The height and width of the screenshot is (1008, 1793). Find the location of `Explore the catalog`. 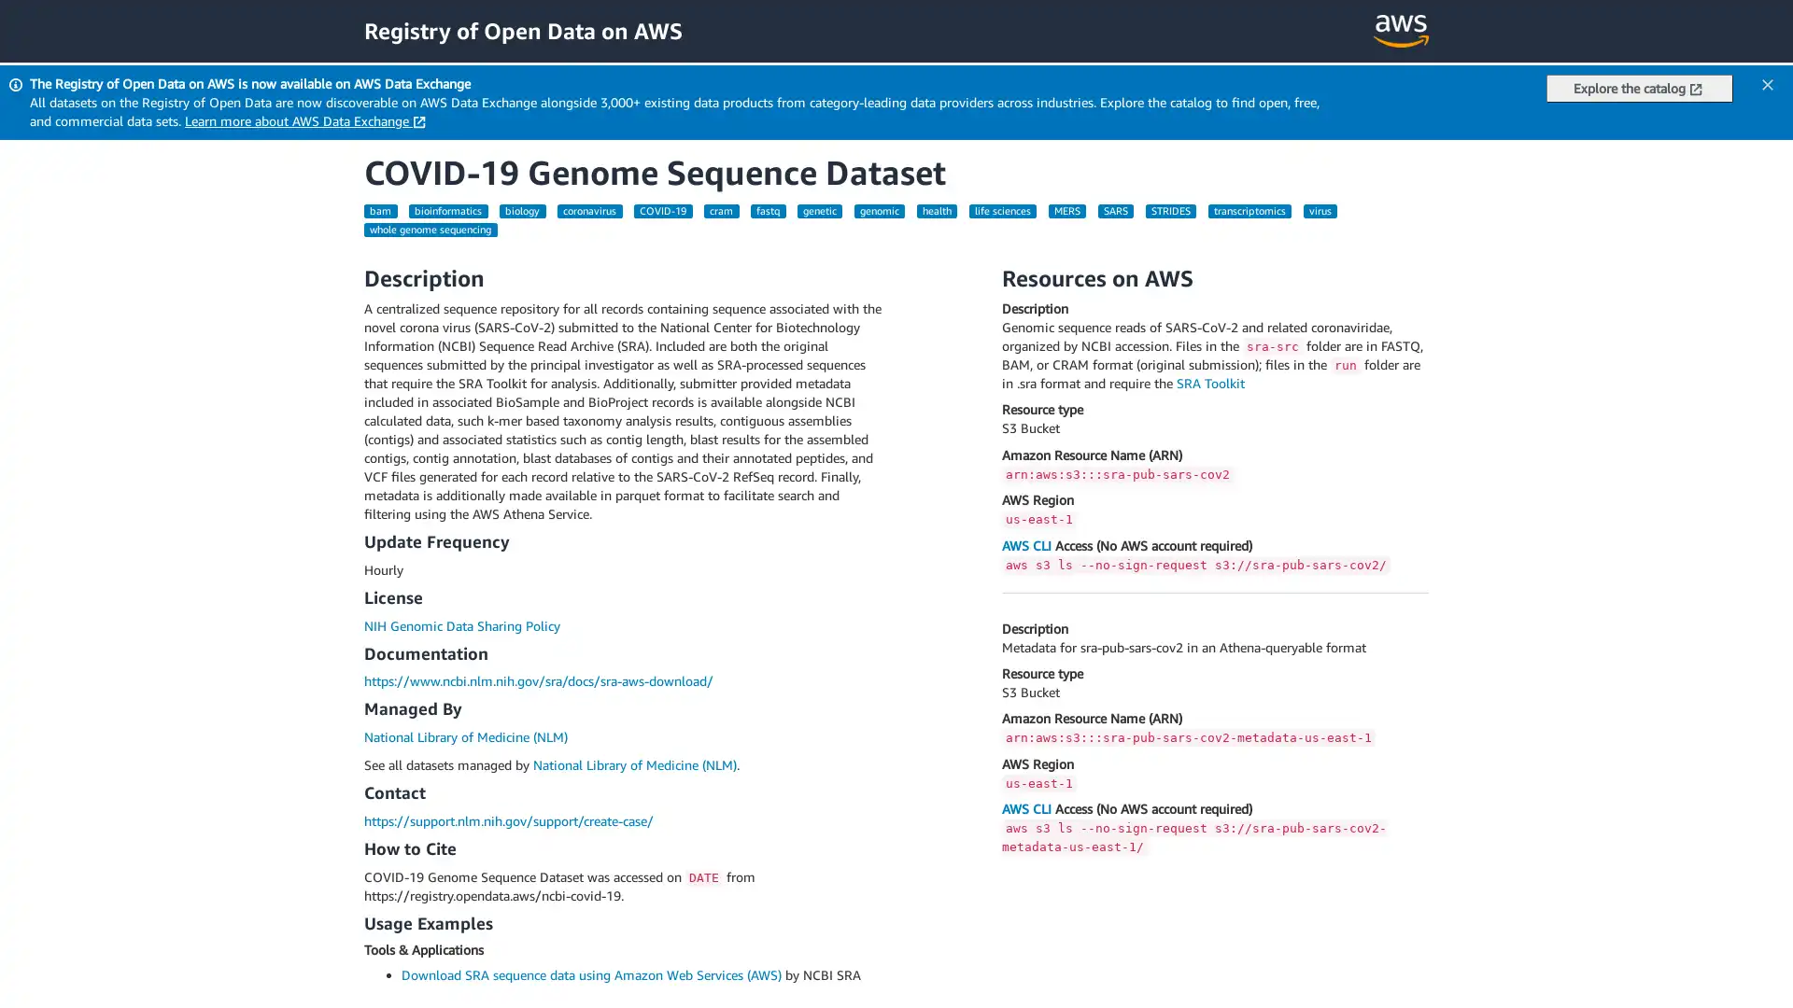

Explore the catalog is located at coordinates (1639, 89).